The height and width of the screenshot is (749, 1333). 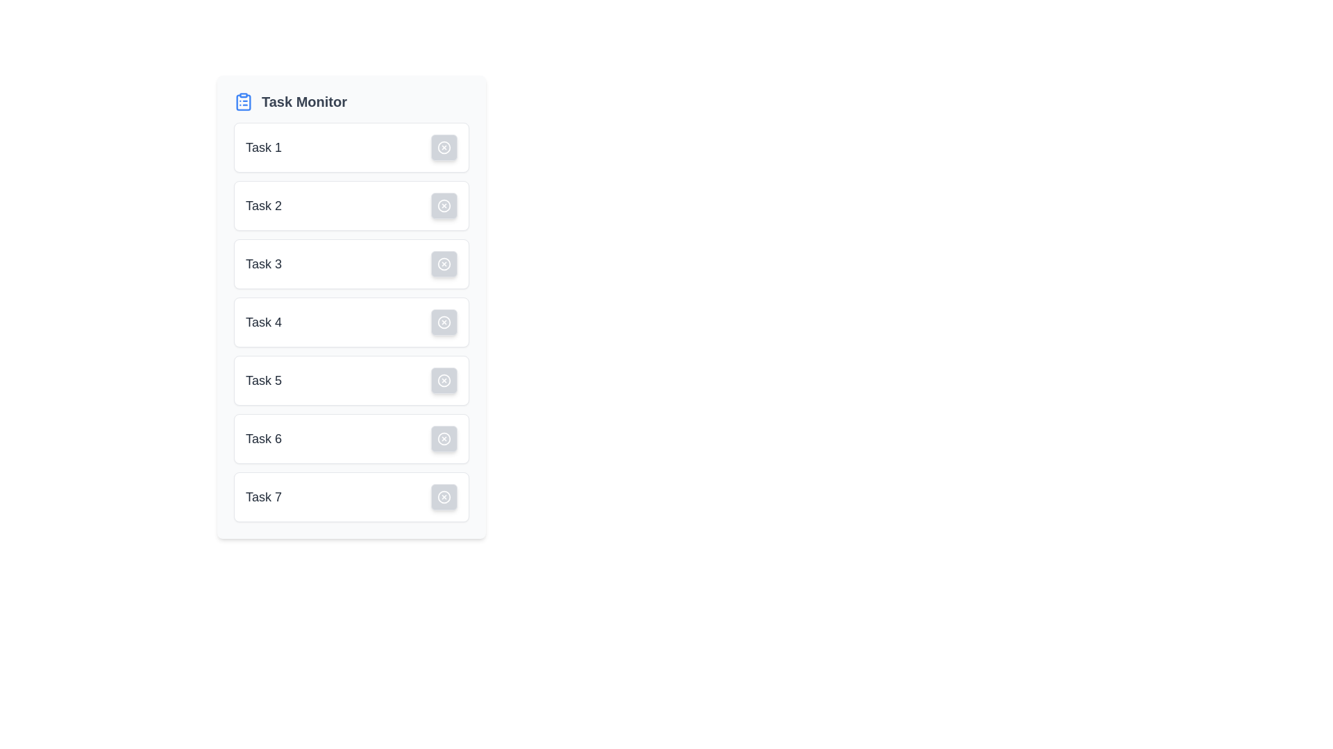 What do you see at coordinates (443, 264) in the screenshot?
I see `the small circular vector graphic element located within the third task item of the vertical task list interface, which is part of the control icon in the top-right corner of the task card` at bounding box center [443, 264].